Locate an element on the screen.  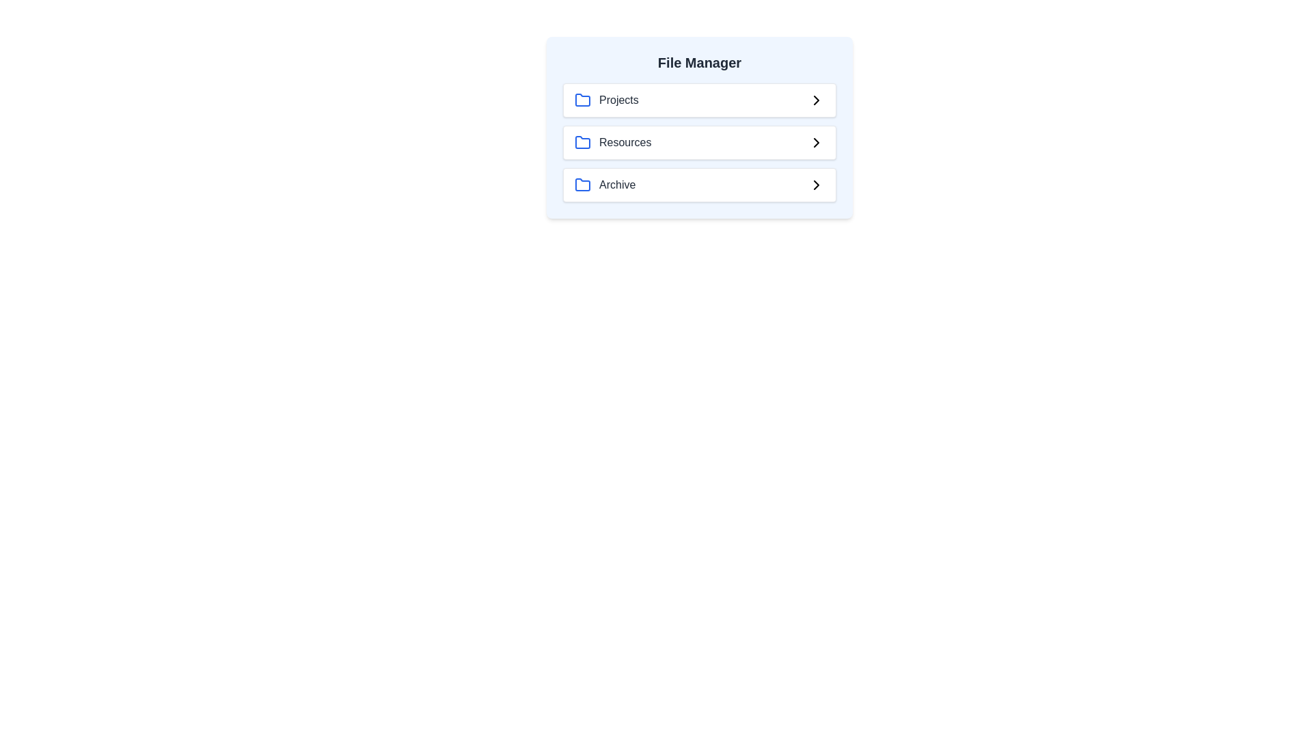
the 'Resources' entry in the File Manager, which is represented by a blue folder icon followed by the medium gray text label 'Resources' is located at coordinates (612, 142).